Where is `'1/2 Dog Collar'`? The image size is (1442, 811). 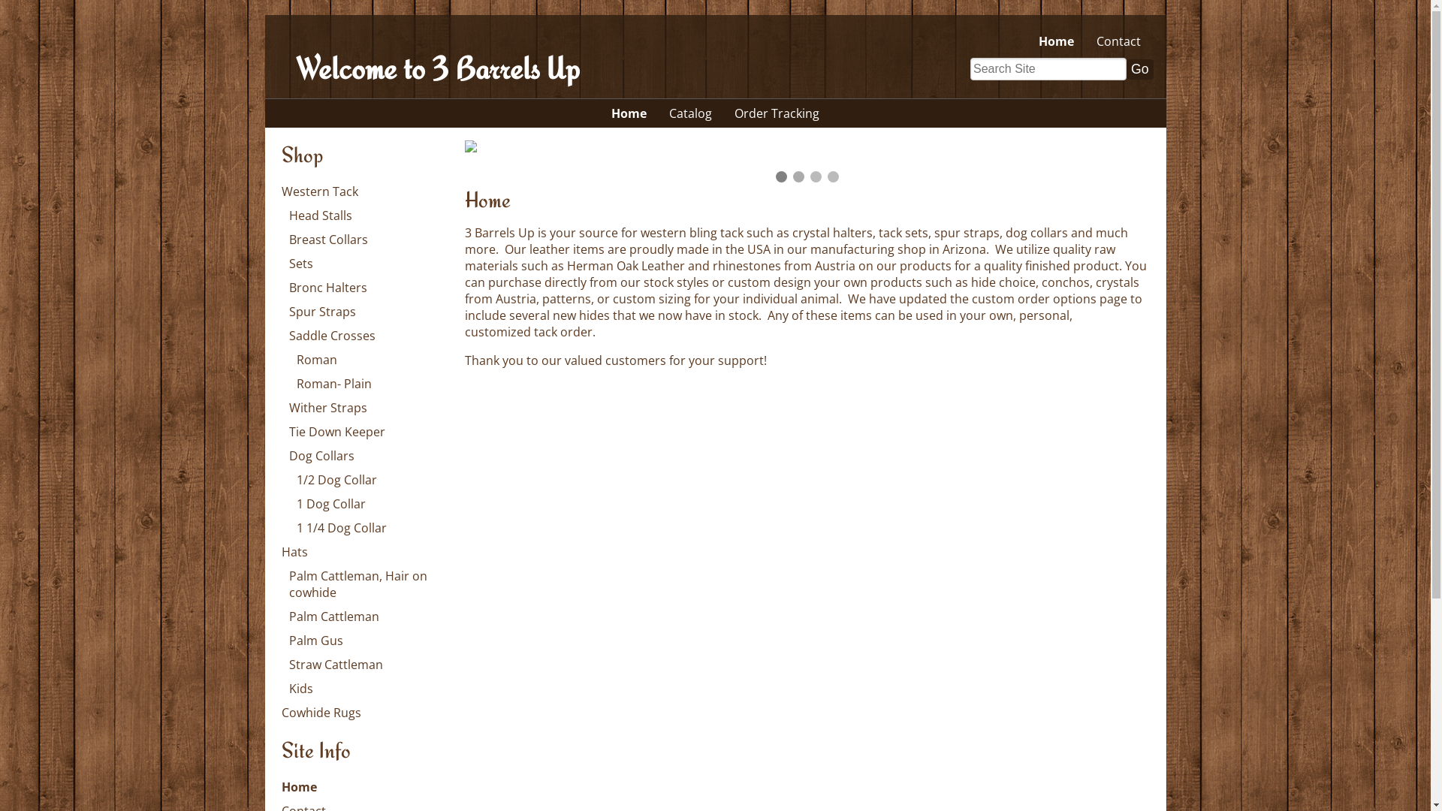 '1/2 Dog Collar' is located at coordinates (335, 480).